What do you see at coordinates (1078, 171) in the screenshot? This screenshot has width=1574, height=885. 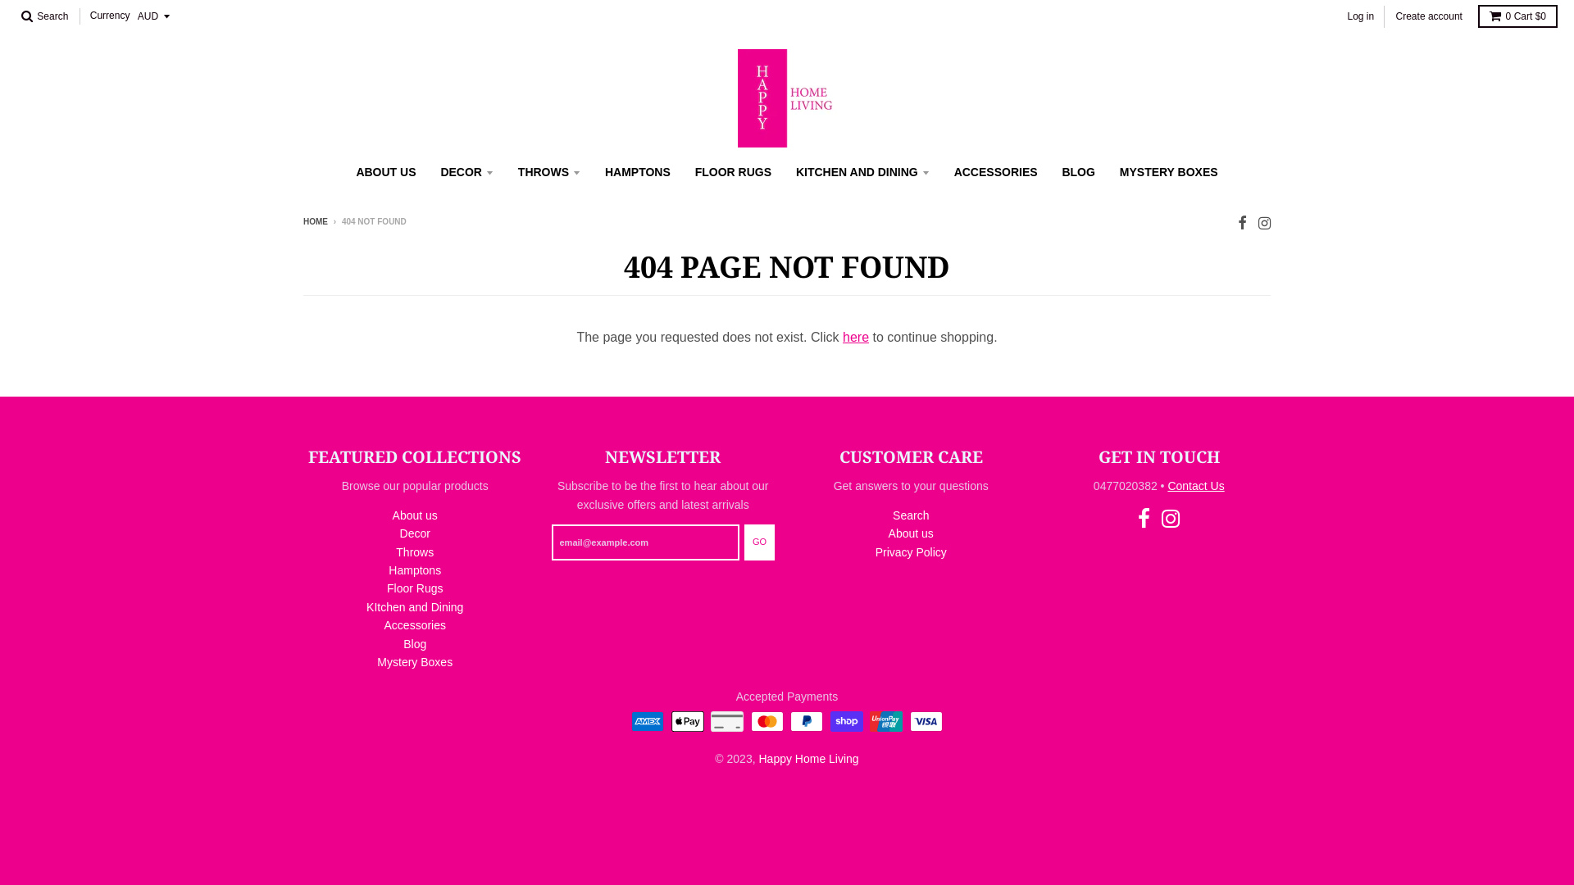 I see `'BLOG'` at bounding box center [1078, 171].